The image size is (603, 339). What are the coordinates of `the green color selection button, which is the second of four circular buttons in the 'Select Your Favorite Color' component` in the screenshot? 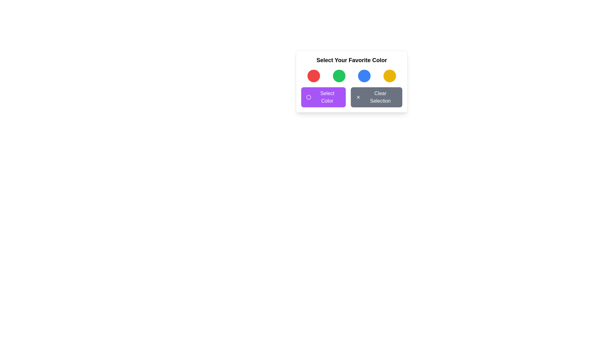 It's located at (339, 76).